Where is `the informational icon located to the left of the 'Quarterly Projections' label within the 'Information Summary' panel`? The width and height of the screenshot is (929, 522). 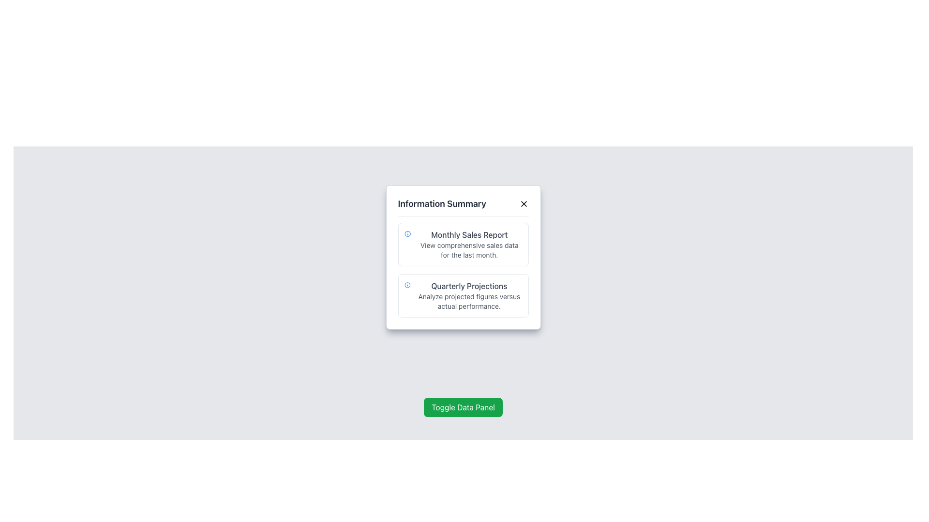 the informational icon located to the left of the 'Quarterly Projections' label within the 'Information Summary' panel is located at coordinates (407, 285).